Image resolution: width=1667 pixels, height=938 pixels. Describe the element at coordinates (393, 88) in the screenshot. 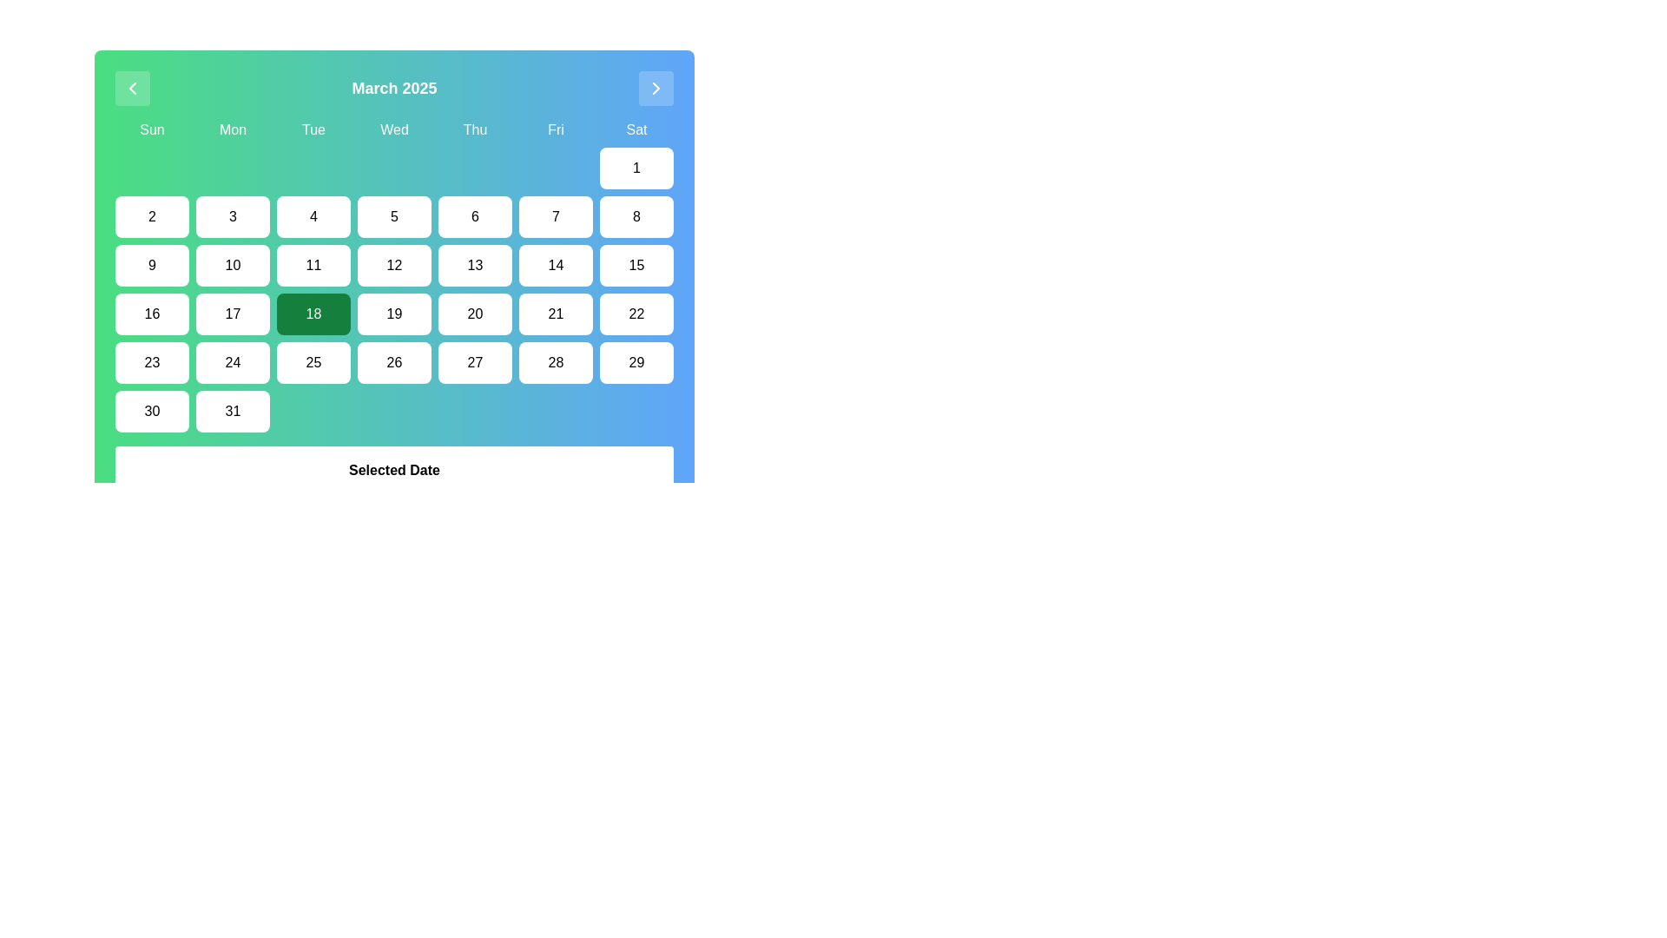

I see `the Label (Text Display) that shows the currently selected month and year in the calendar interface, located centrally in the header section` at that location.